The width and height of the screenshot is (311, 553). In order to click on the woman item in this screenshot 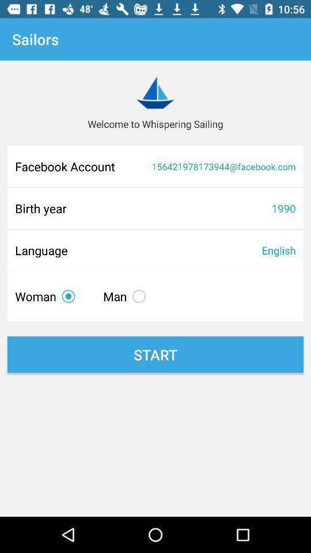, I will do `click(47, 296)`.